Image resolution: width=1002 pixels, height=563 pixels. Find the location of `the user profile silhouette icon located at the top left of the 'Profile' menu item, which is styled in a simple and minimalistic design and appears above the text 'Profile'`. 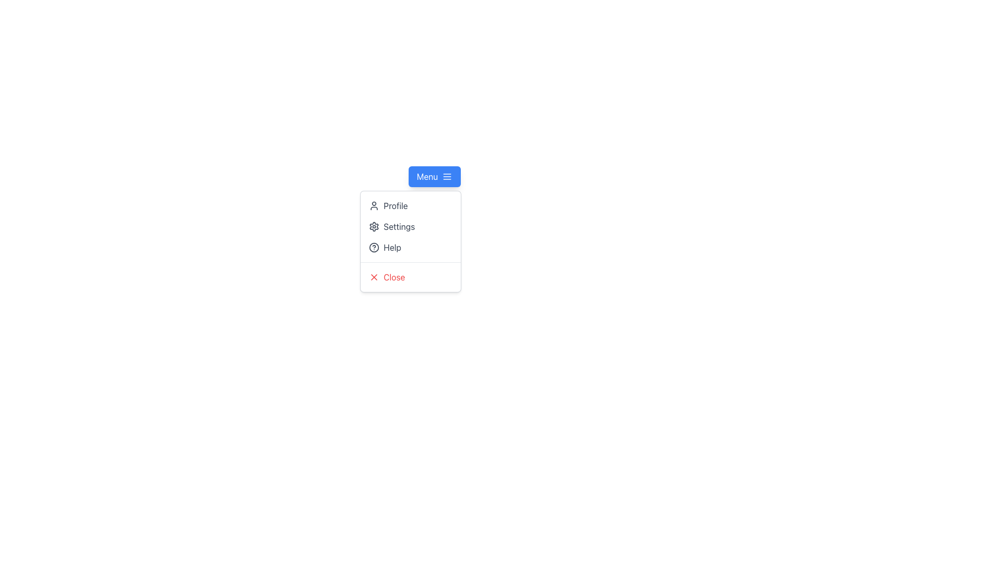

the user profile silhouette icon located at the top left of the 'Profile' menu item, which is styled in a simple and minimalistic design and appears above the text 'Profile' is located at coordinates (374, 205).